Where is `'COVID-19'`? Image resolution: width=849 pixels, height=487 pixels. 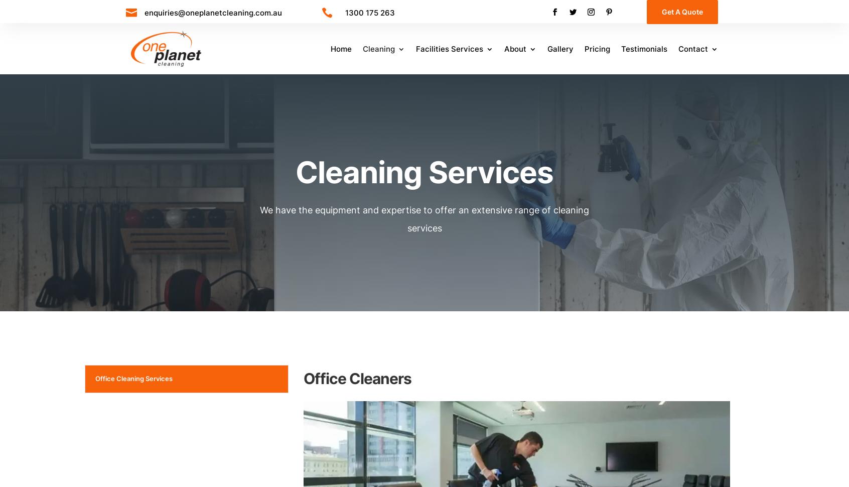 'COVID-19' is located at coordinates (394, 239).